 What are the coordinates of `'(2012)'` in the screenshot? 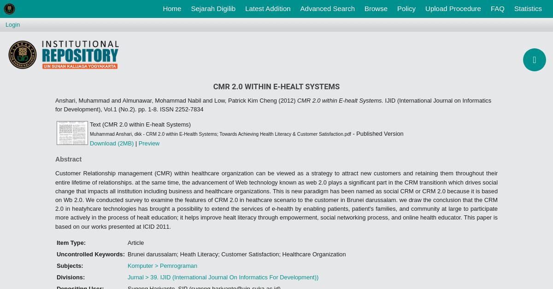 It's located at (286, 100).